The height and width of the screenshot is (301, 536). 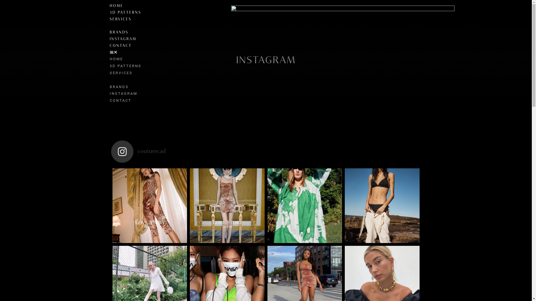 What do you see at coordinates (120, 19) in the screenshot?
I see `'SERVICES'` at bounding box center [120, 19].